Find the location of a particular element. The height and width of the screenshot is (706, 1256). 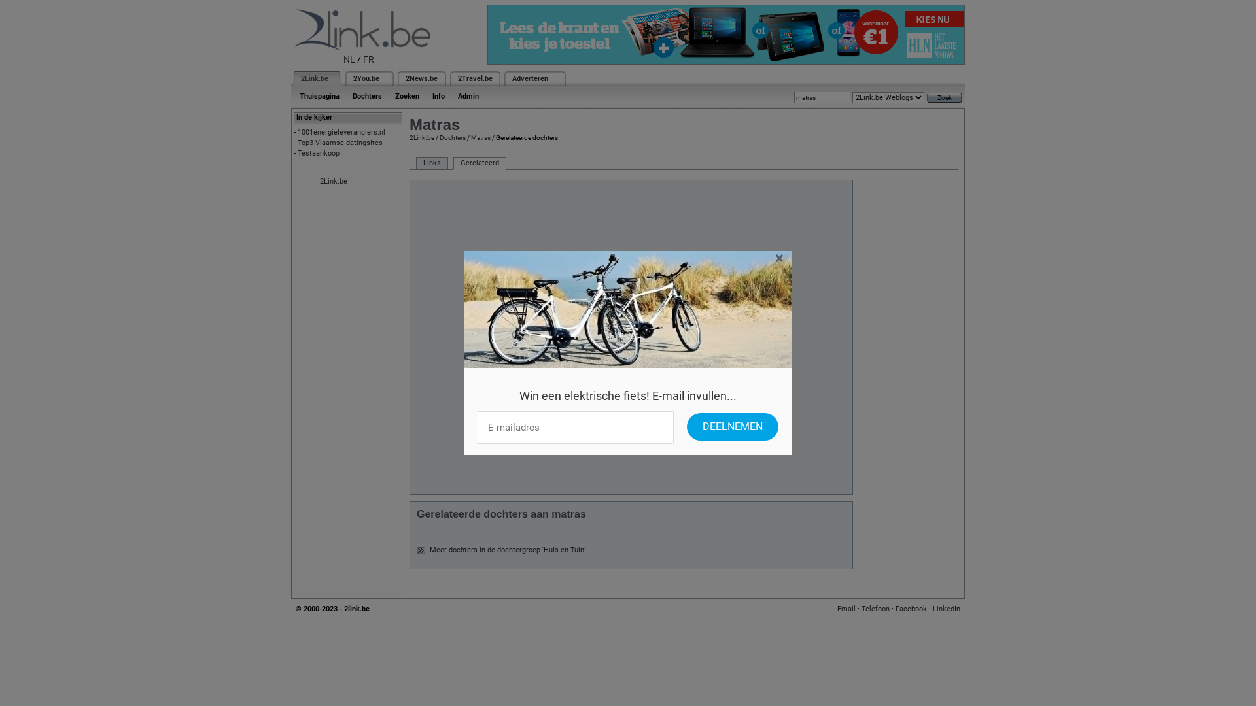

'Zoeken' is located at coordinates (406, 95).